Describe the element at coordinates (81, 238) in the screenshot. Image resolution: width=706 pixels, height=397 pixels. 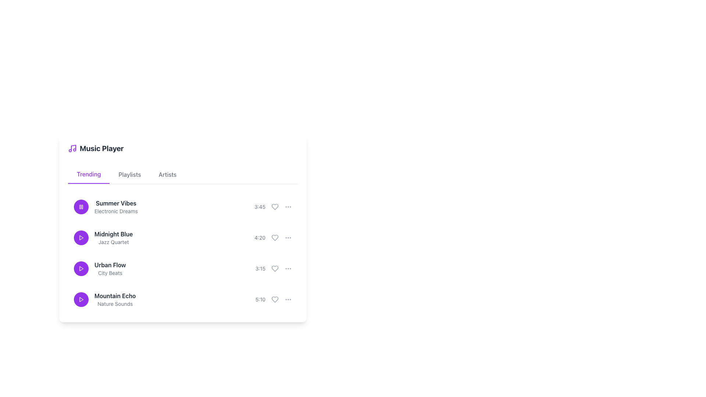
I see `the circular button with a purple background and a white triangular play icon in the 'Trending' section of the music player` at that location.